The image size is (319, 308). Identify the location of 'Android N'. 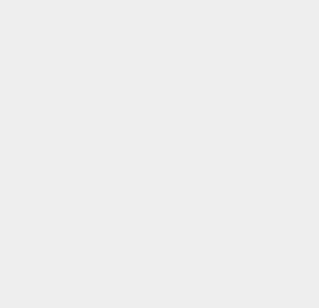
(235, 10).